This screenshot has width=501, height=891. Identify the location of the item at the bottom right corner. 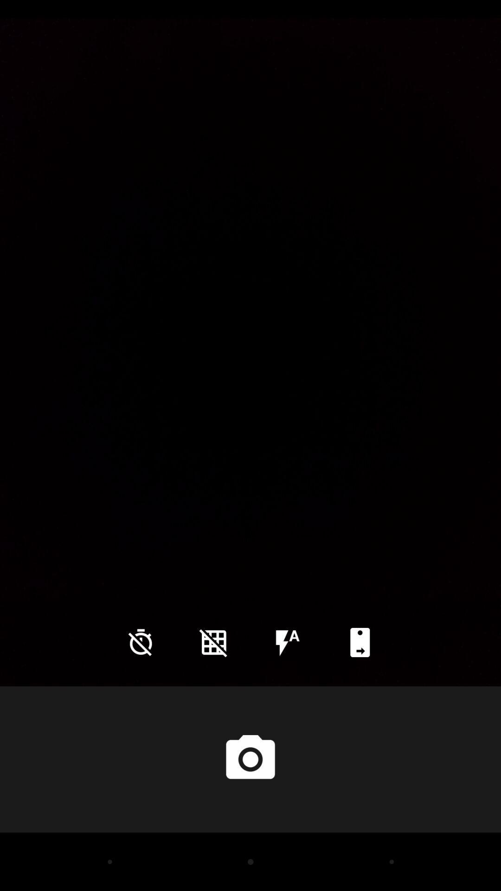
(360, 642).